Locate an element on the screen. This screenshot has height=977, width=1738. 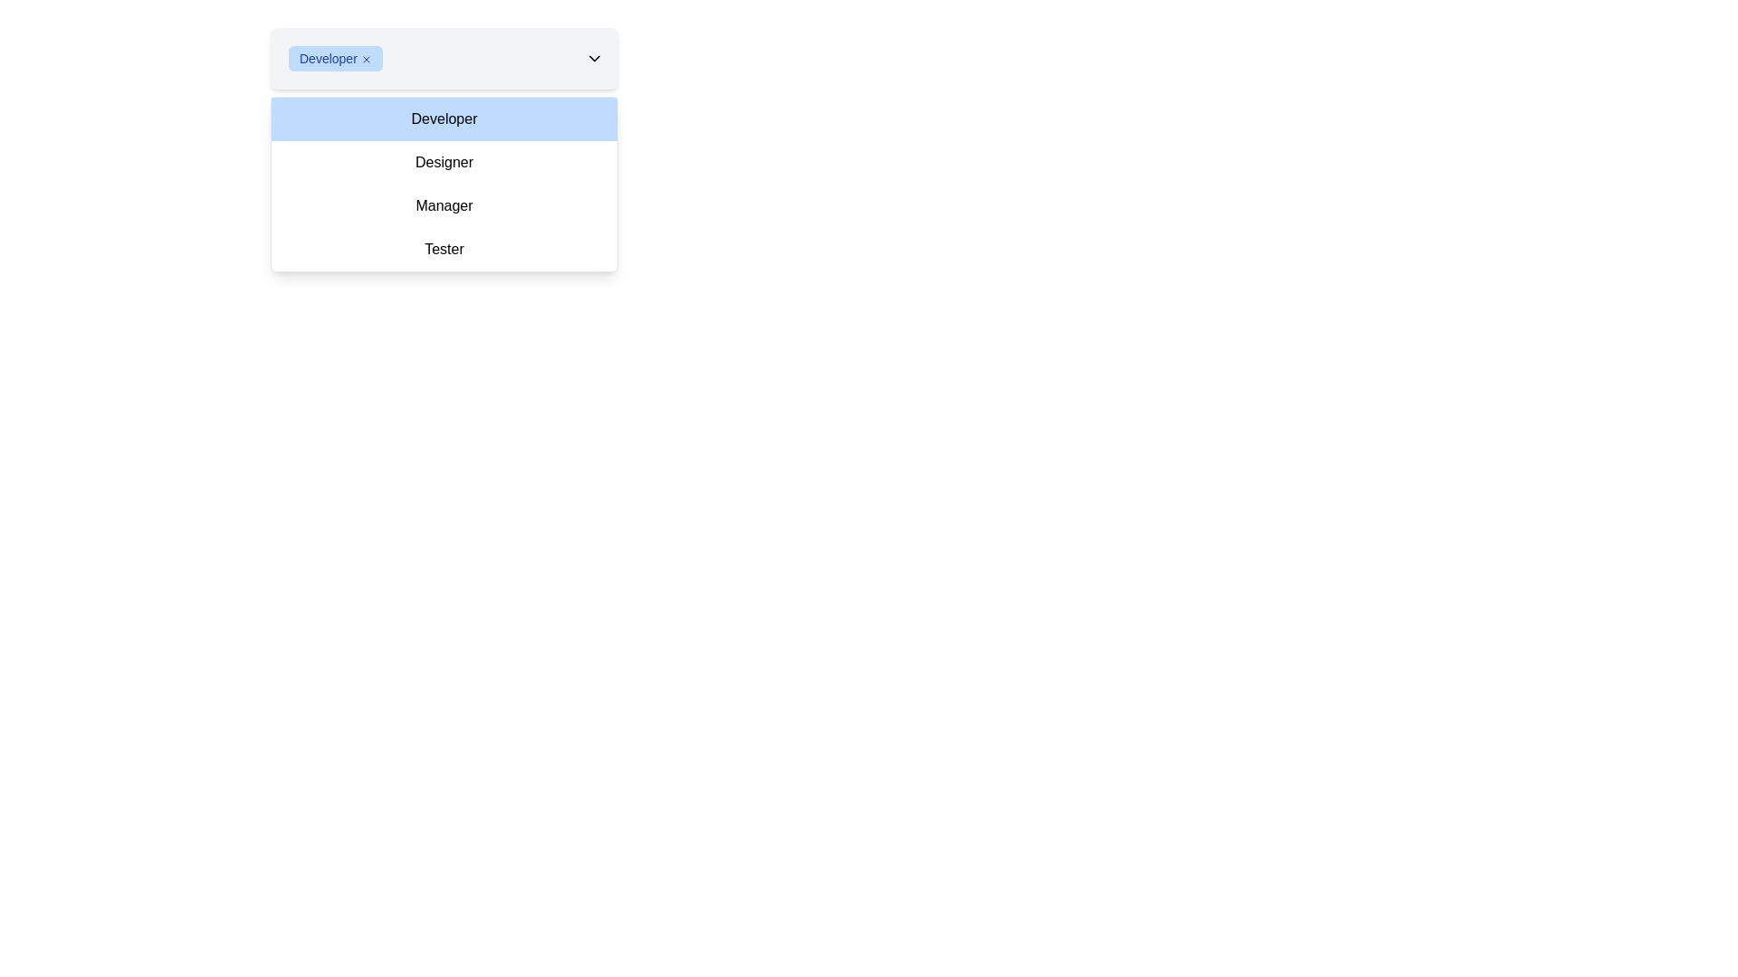
the fourth option in the dropdown menu, which sets the context to 'Tester' is located at coordinates (444, 250).